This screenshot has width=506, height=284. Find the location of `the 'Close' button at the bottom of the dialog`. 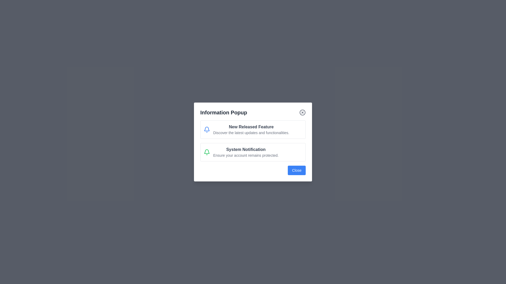

the 'Close' button at the bottom of the dialog is located at coordinates (297, 170).